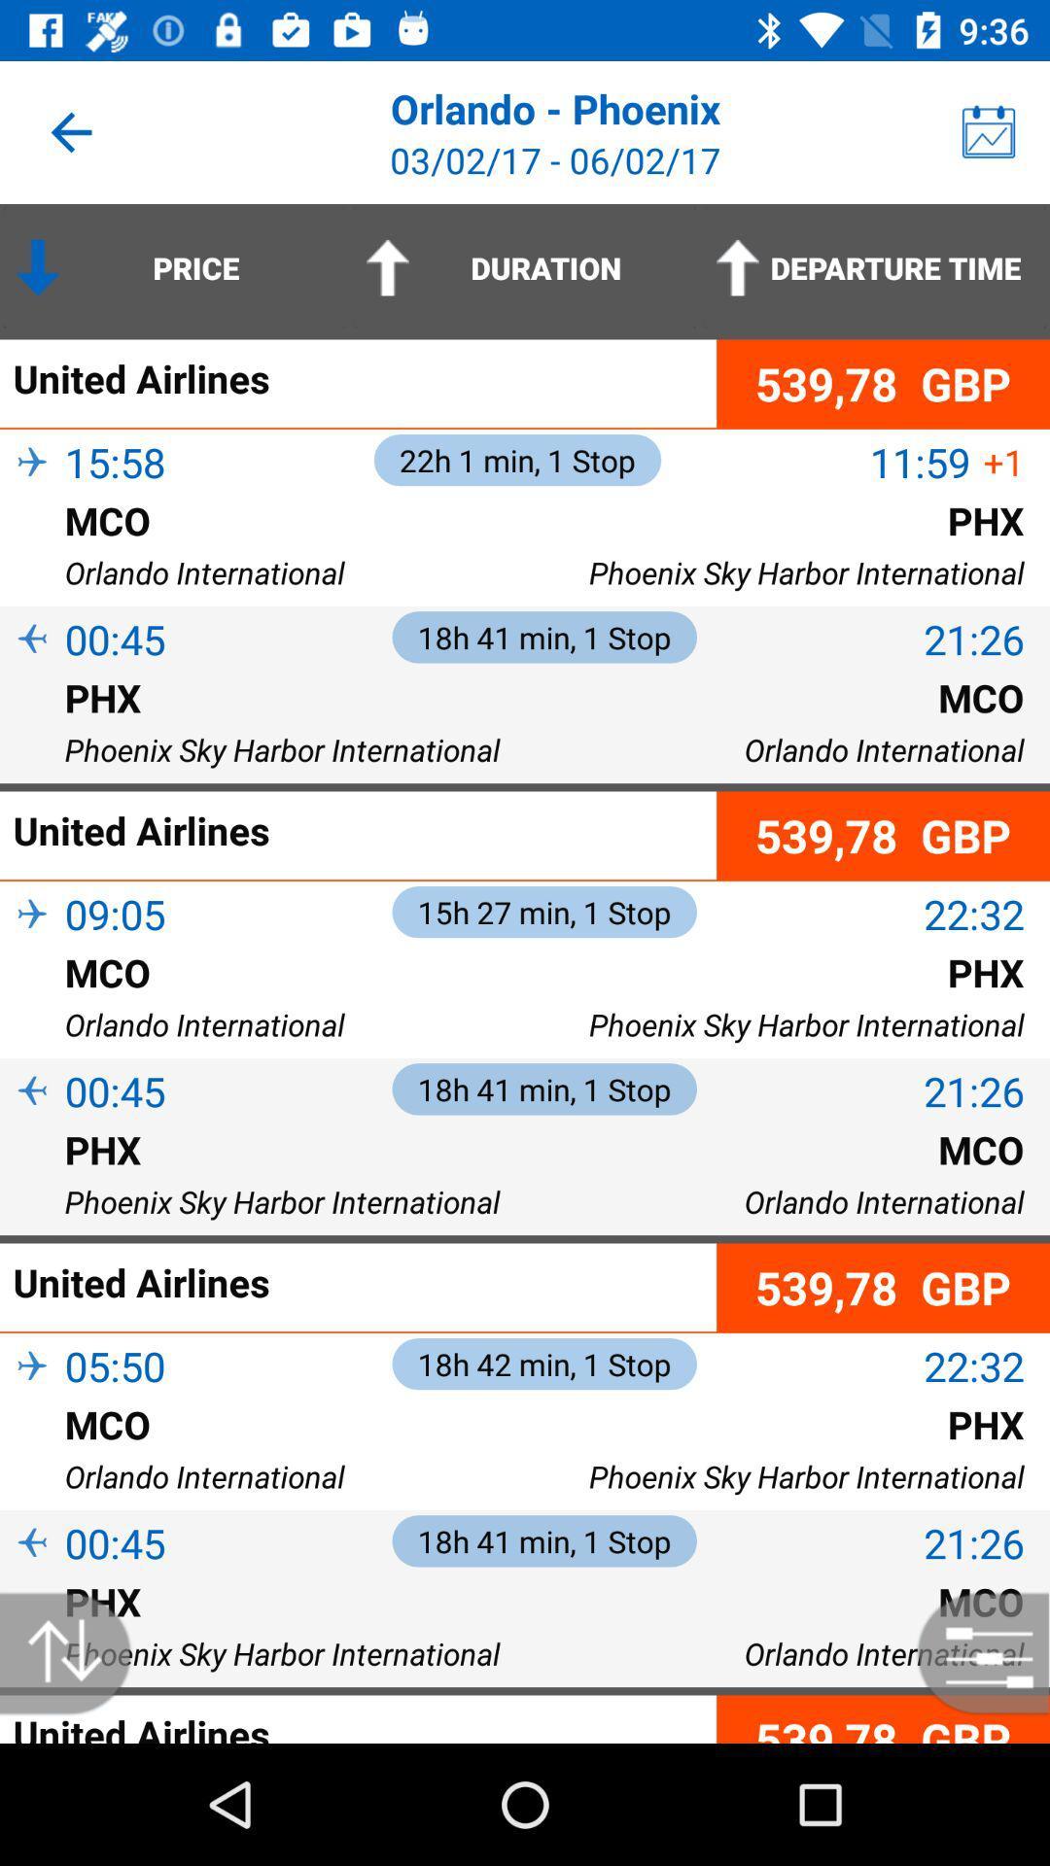 This screenshot has width=1050, height=1866. What do you see at coordinates (544, 911) in the screenshot?
I see `the 15h 27 min item` at bounding box center [544, 911].